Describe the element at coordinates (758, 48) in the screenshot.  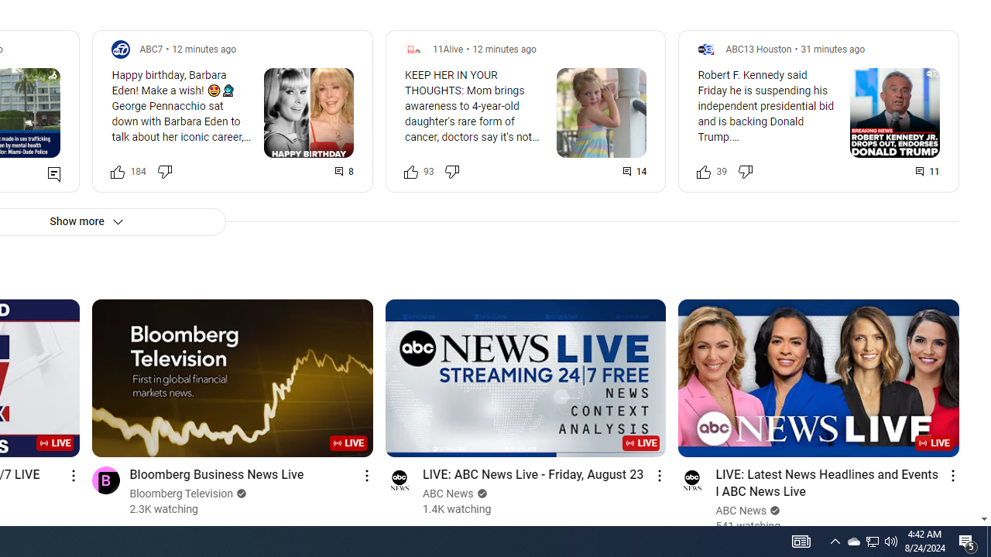
I see `'ABC13 Houston'` at that location.